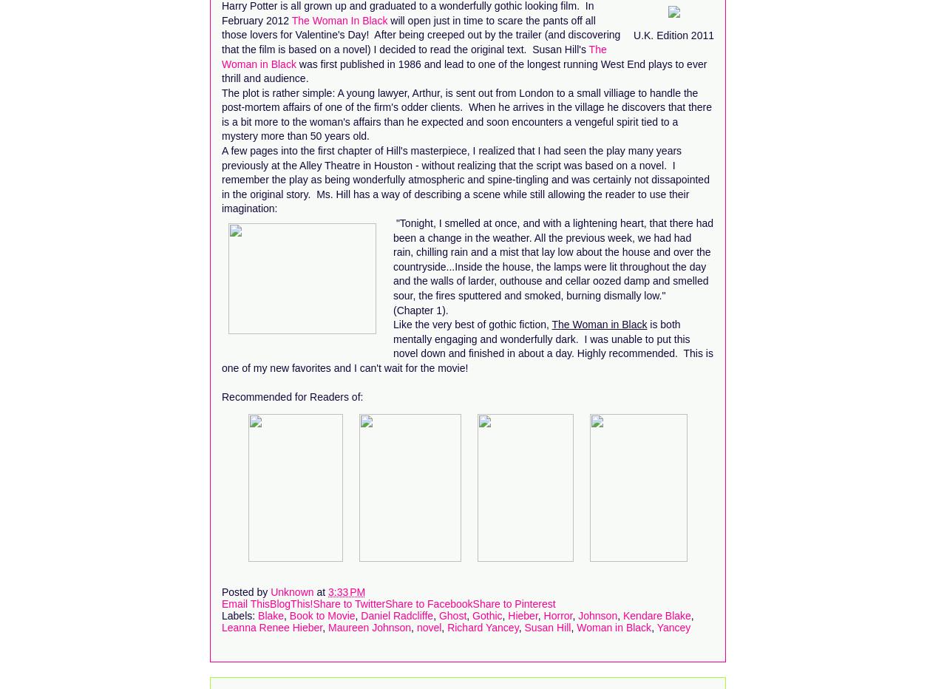  What do you see at coordinates (467, 344) in the screenshot?
I see `'is both mentally engaging and wonderfully dark.  I was unable to put this novel down and finished in about a day. Highly recommended.  This is one of my new favorites and I can't wait for the movie!'` at bounding box center [467, 344].